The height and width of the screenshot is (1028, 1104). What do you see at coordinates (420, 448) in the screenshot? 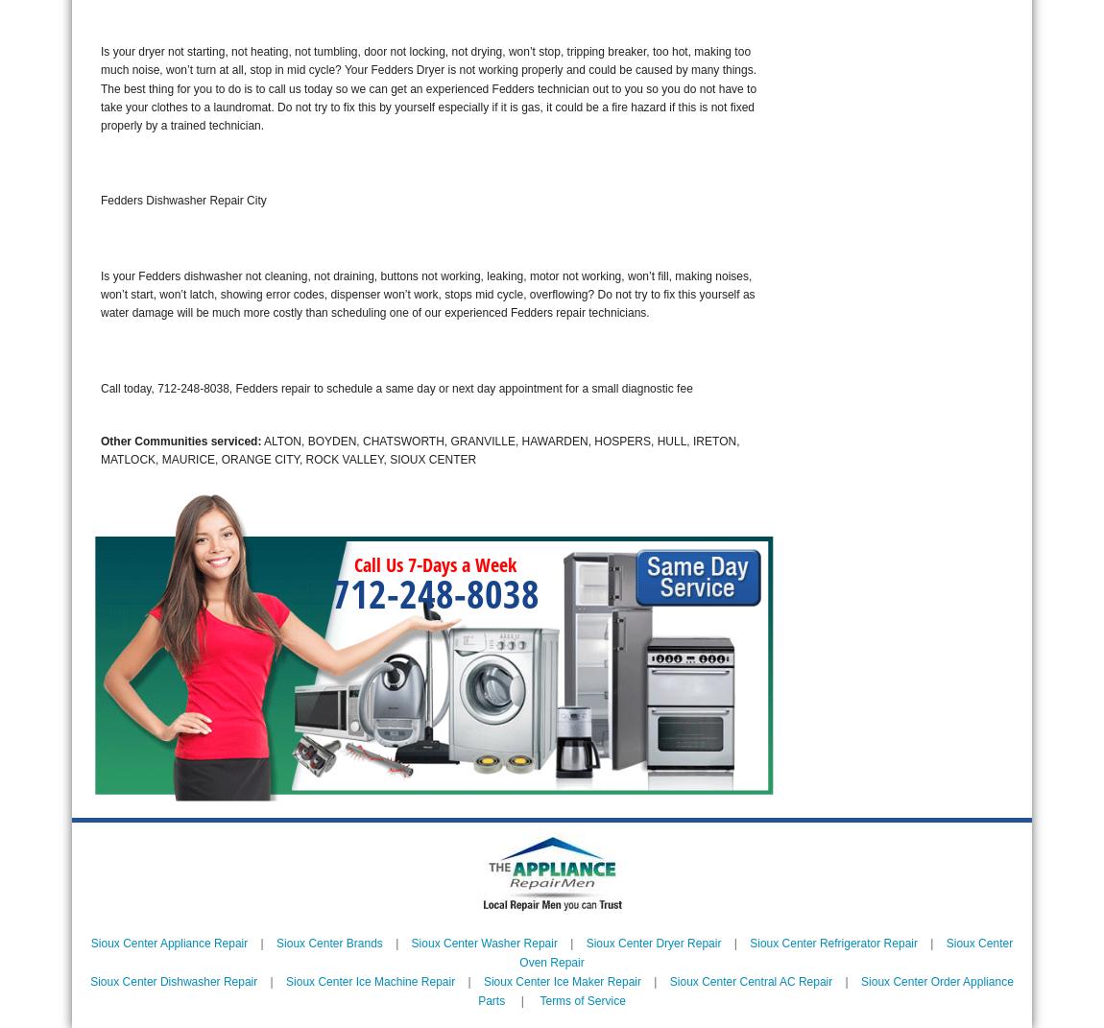
I see `'ALTON, BOYDEN, CHATSWORTH, GRANVILLE, HAWARDEN, HOSPERS, HULL, IRETON, MATLOCK, MAURICE, ORANGE CITY, ROCK VALLEY, SIOUX CENTER'` at bounding box center [420, 448].